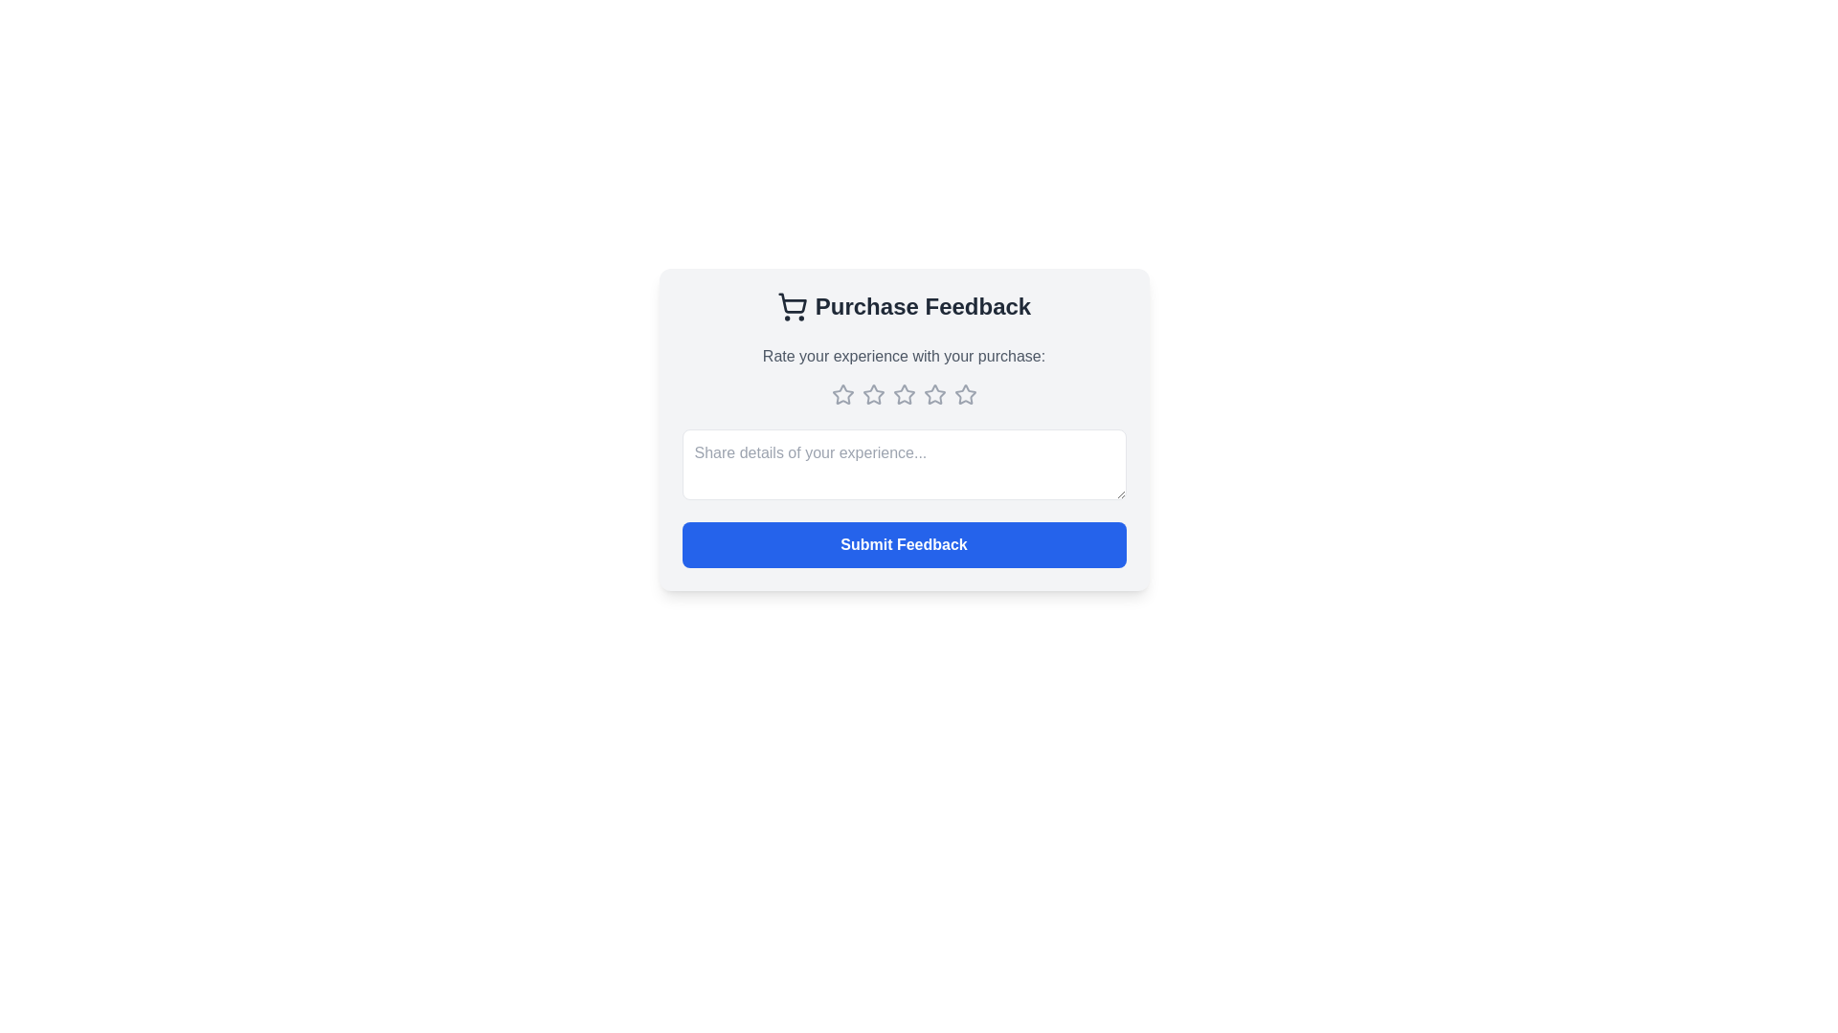  What do you see at coordinates (903, 393) in the screenshot?
I see `the star in the Rating component located beneath the label 'Rate your experience with your purchase:'` at bounding box center [903, 393].